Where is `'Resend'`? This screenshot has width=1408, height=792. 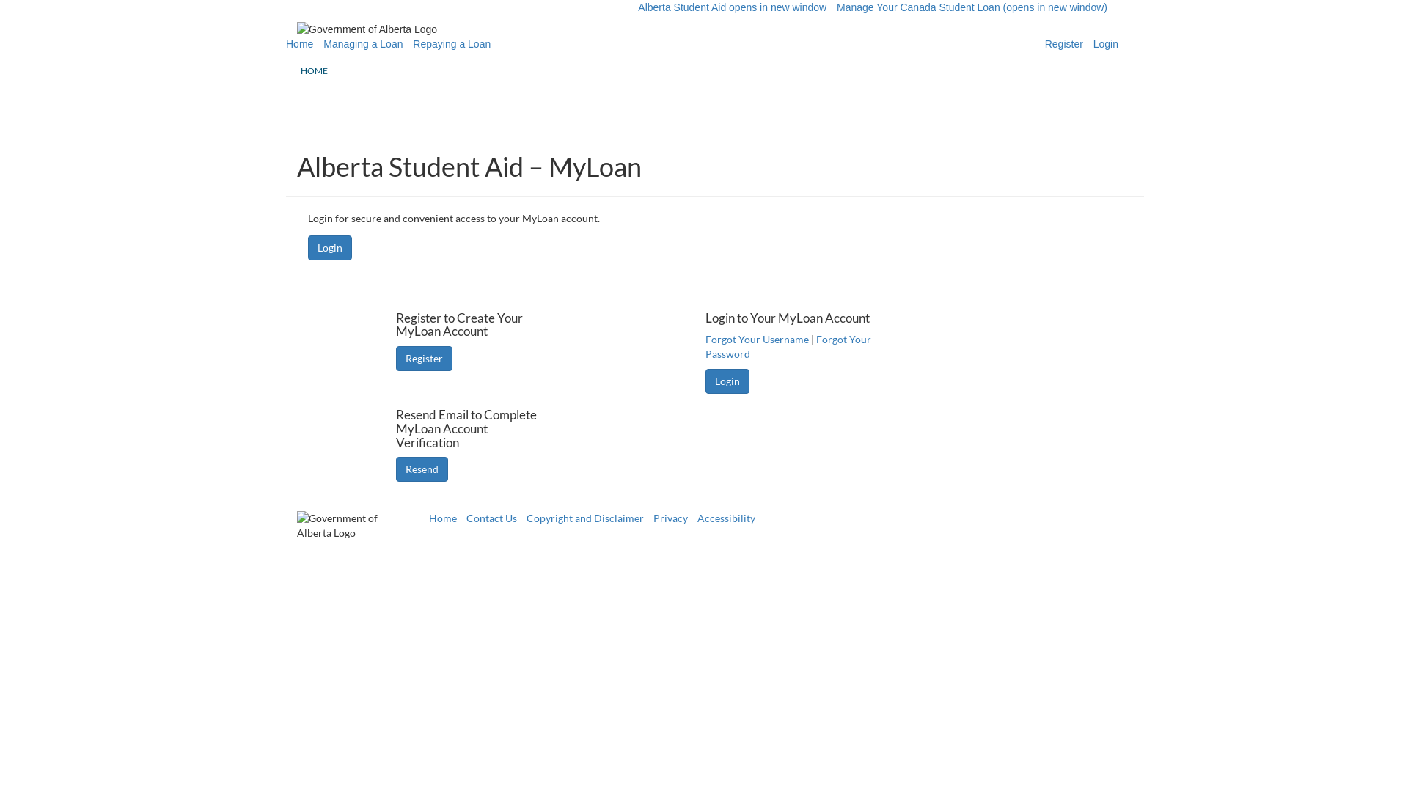
'Resend' is located at coordinates (421, 469).